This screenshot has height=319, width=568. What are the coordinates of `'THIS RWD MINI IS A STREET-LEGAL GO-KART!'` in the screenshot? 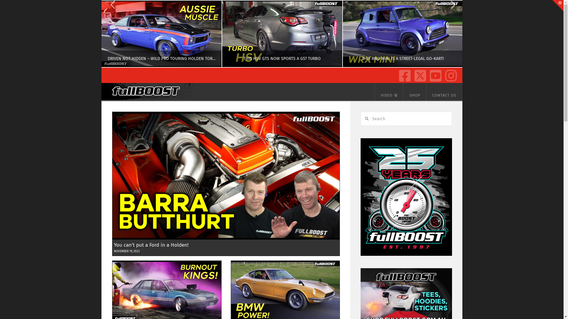 It's located at (402, 34).